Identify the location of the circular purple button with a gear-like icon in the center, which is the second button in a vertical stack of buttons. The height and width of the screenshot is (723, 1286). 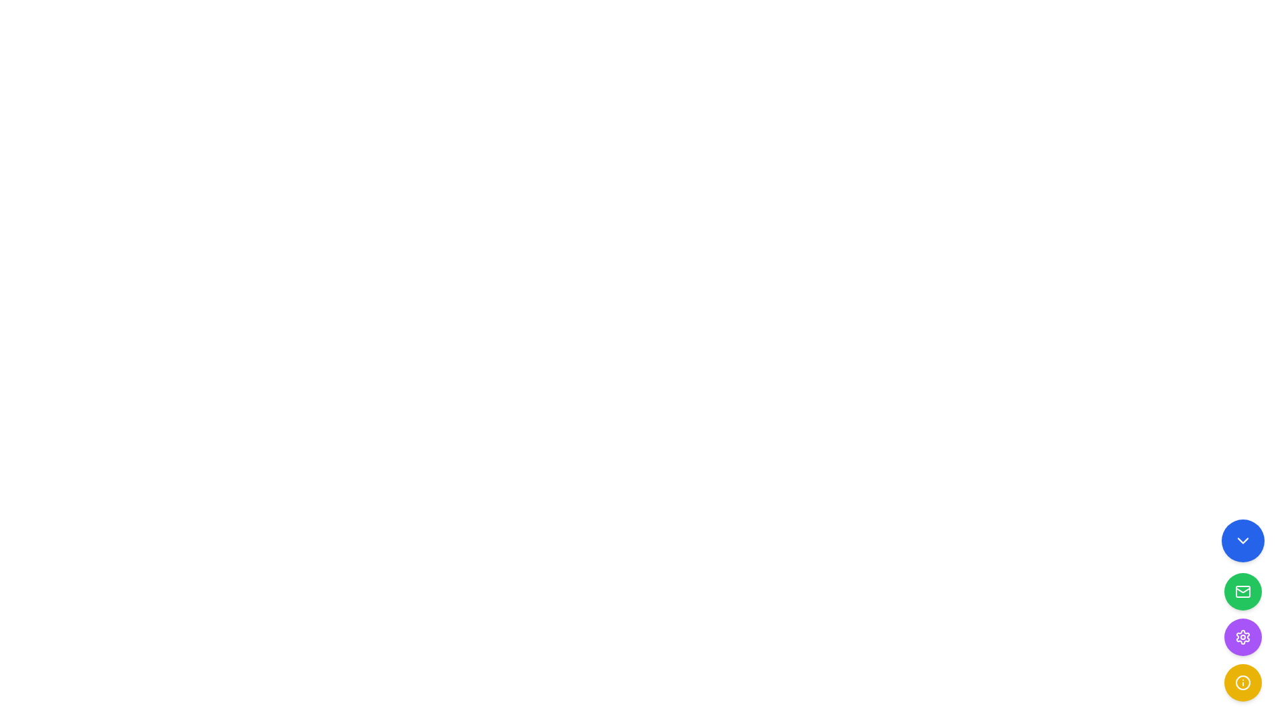
(1242, 637).